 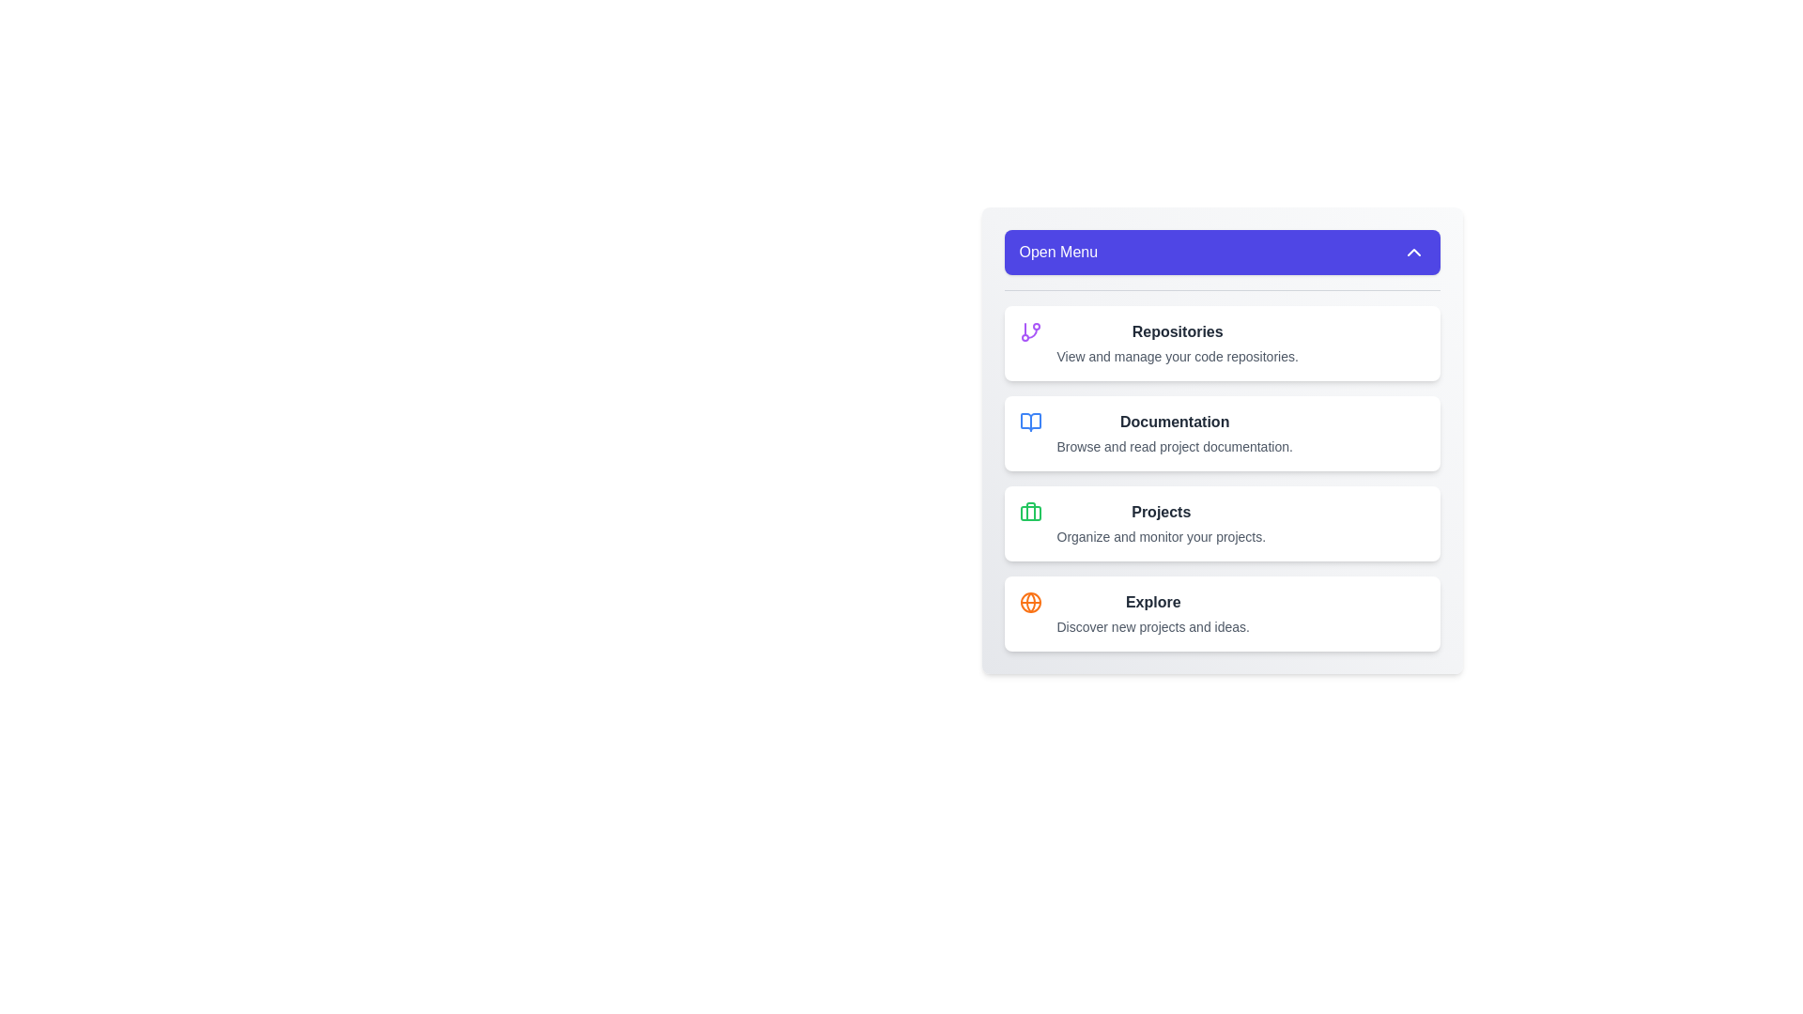 What do you see at coordinates (1029, 331) in the screenshot?
I see `the small purple icon resembling a branching diagram located on the left side of the 'Repositories' section, directly adjacent to the 'Repositories' title` at bounding box center [1029, 331].